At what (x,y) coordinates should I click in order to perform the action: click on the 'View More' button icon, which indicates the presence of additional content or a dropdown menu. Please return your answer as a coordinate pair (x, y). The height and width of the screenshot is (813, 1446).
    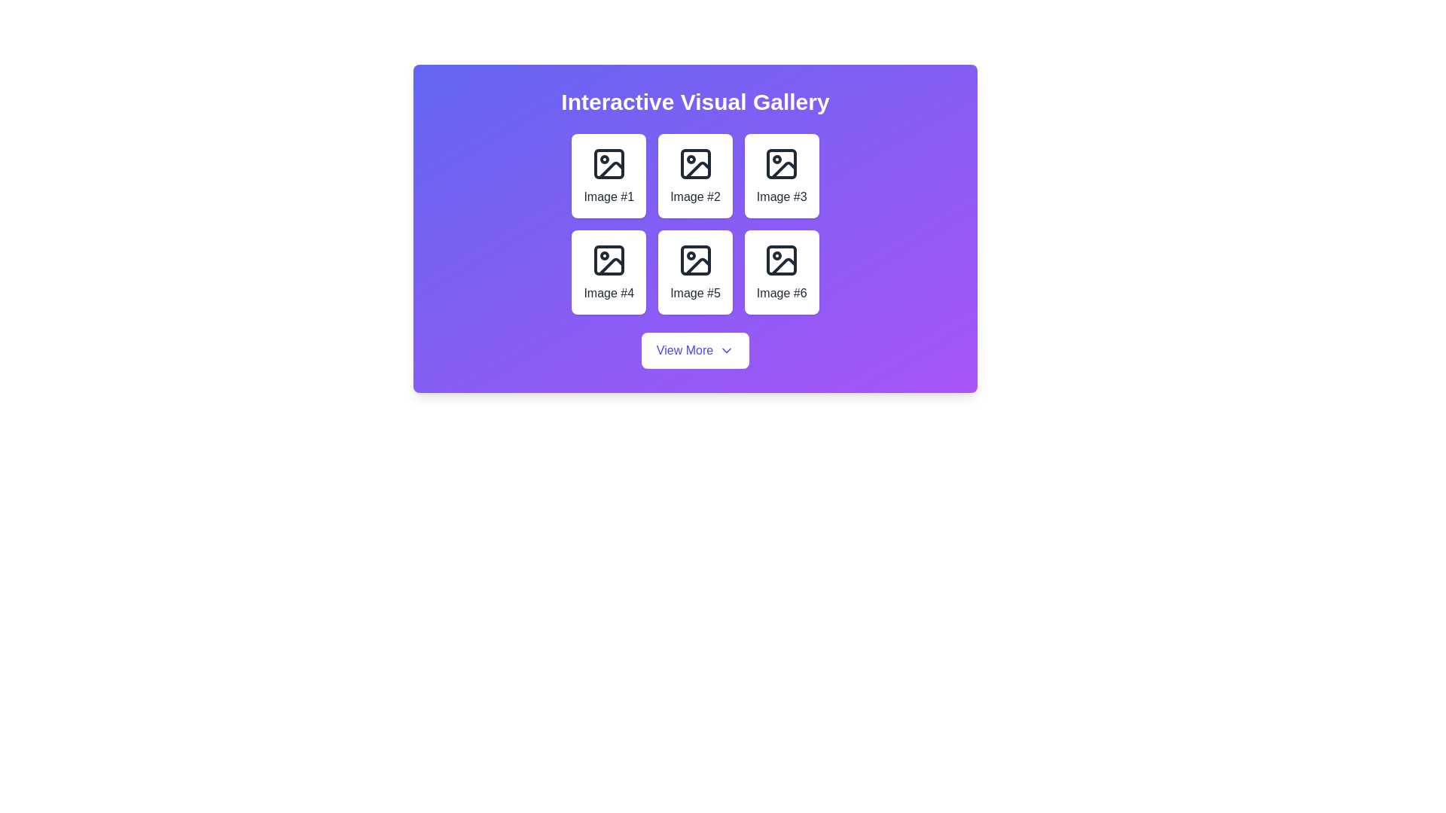
    Looking at the image, I should click on (727, 351).